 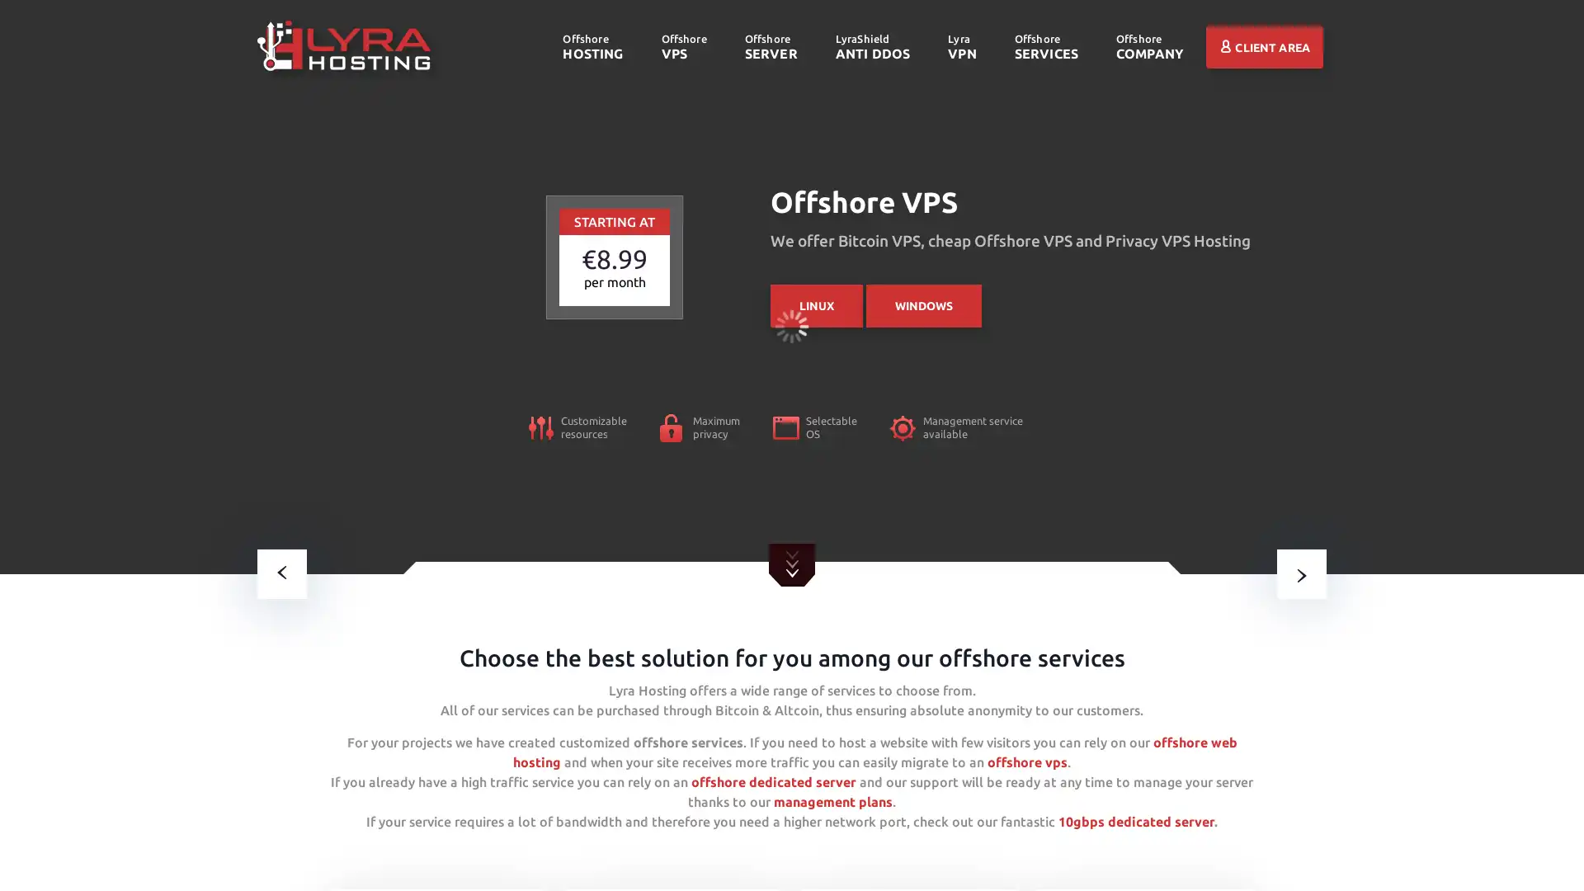 I want to click on Next slide, so click(x=1301, y=573).